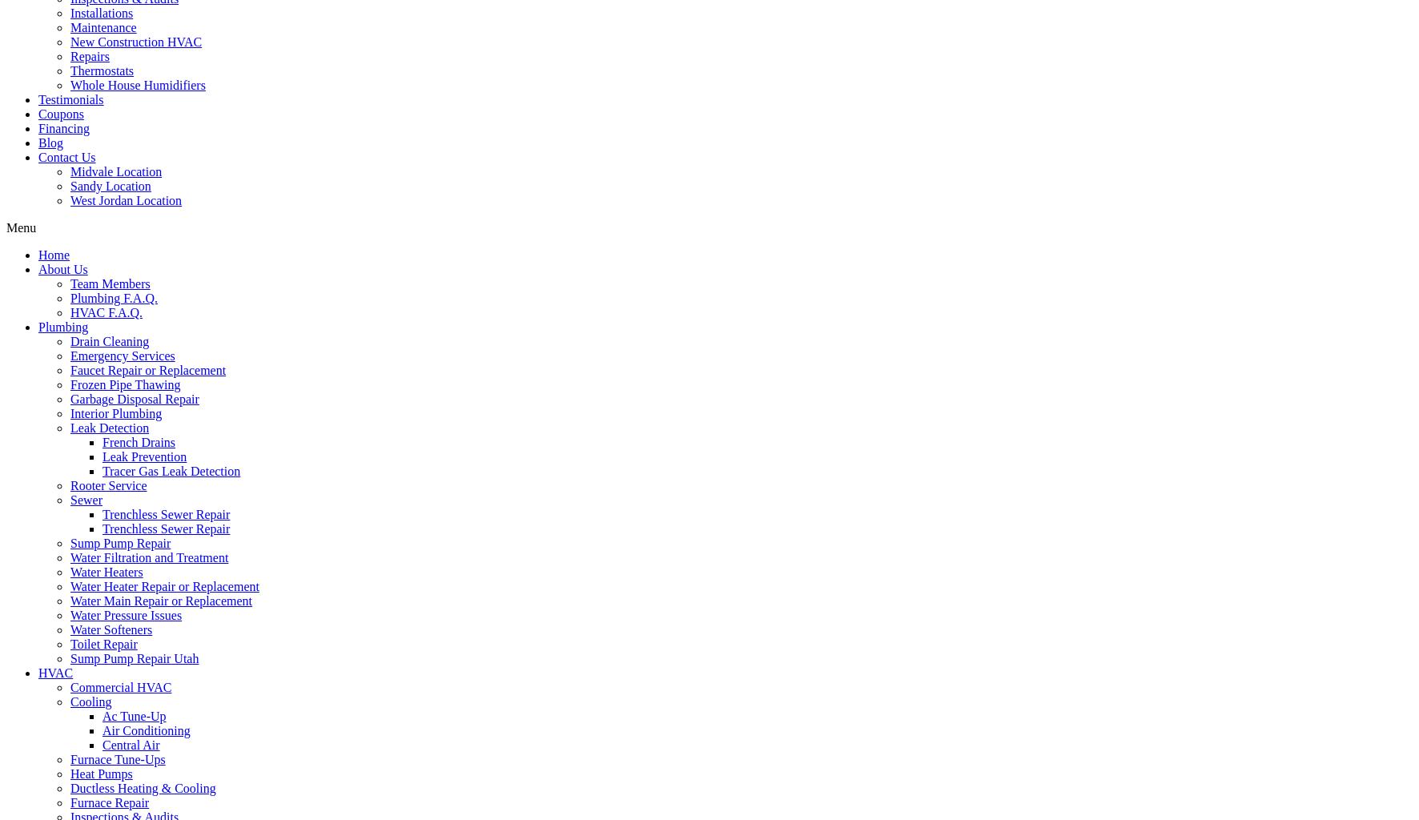  What do you see at coordinates (126, 613) in the screenshot?
I see `'Water Pressure Issues'` at bounding box center [126, 613].